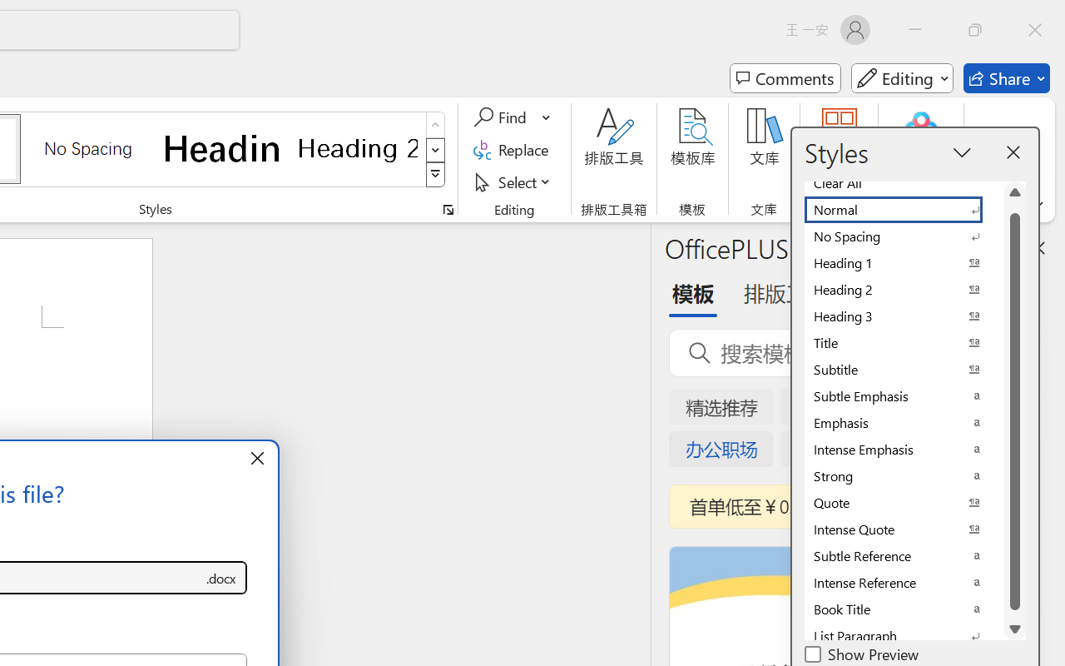  Describe the element at coordinates (436, 175) in the screenshot. I see `'Class: NetUIImage'` at that location.